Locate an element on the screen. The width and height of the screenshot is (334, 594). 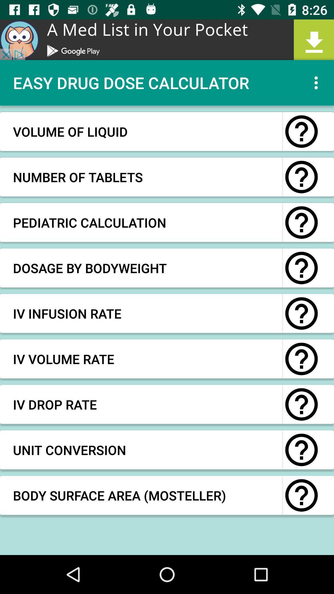
question option is located at coordinates (301, 177).